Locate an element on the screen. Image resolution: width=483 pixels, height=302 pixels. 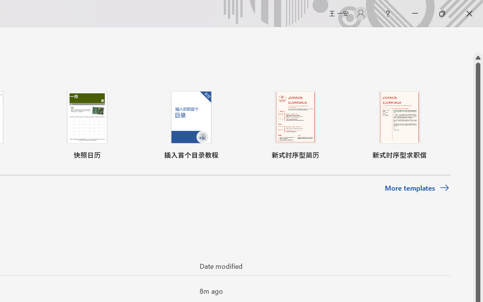
'Class: NetUIScrollBar' is located at coordinates (478, 40).